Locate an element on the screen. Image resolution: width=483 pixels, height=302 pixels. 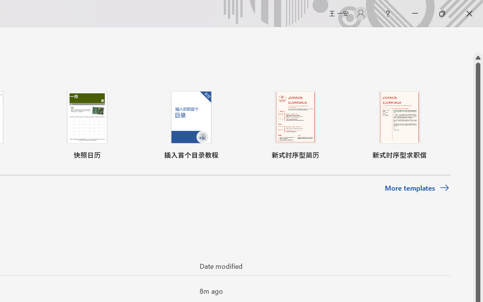
'Class: NetUIScrollBar' is located at coordinates (478, 40).